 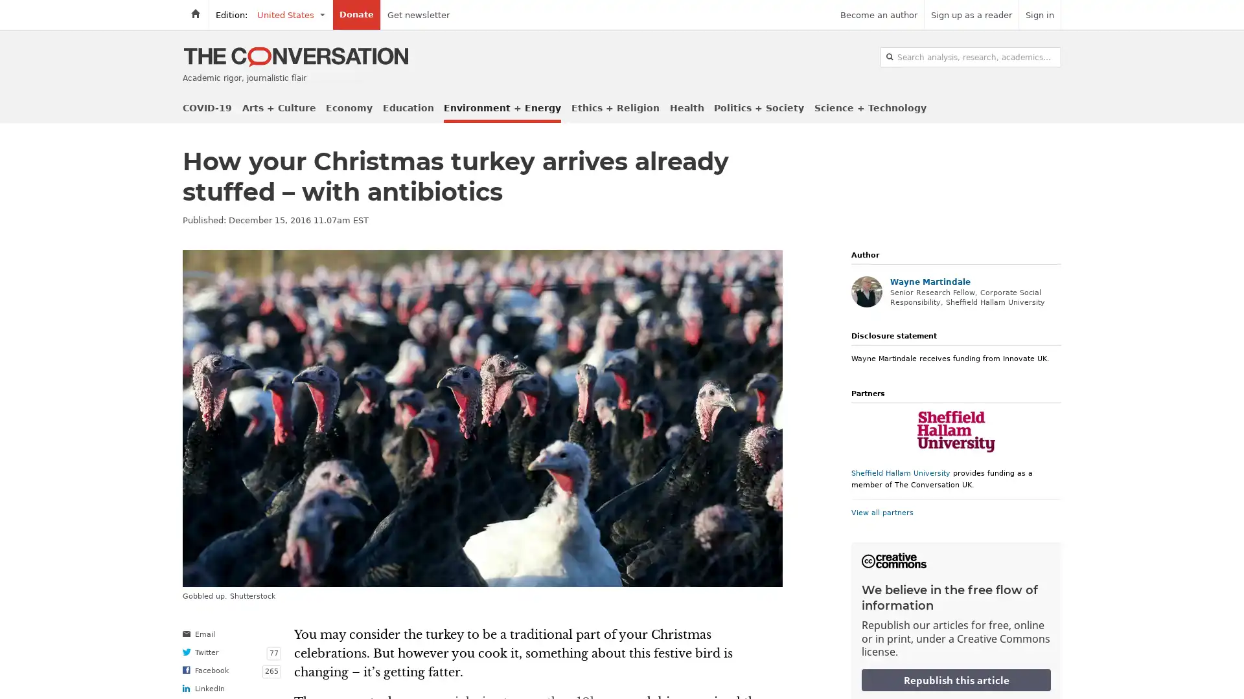 I want to click on Republish this article, so click(x=956, y=679).